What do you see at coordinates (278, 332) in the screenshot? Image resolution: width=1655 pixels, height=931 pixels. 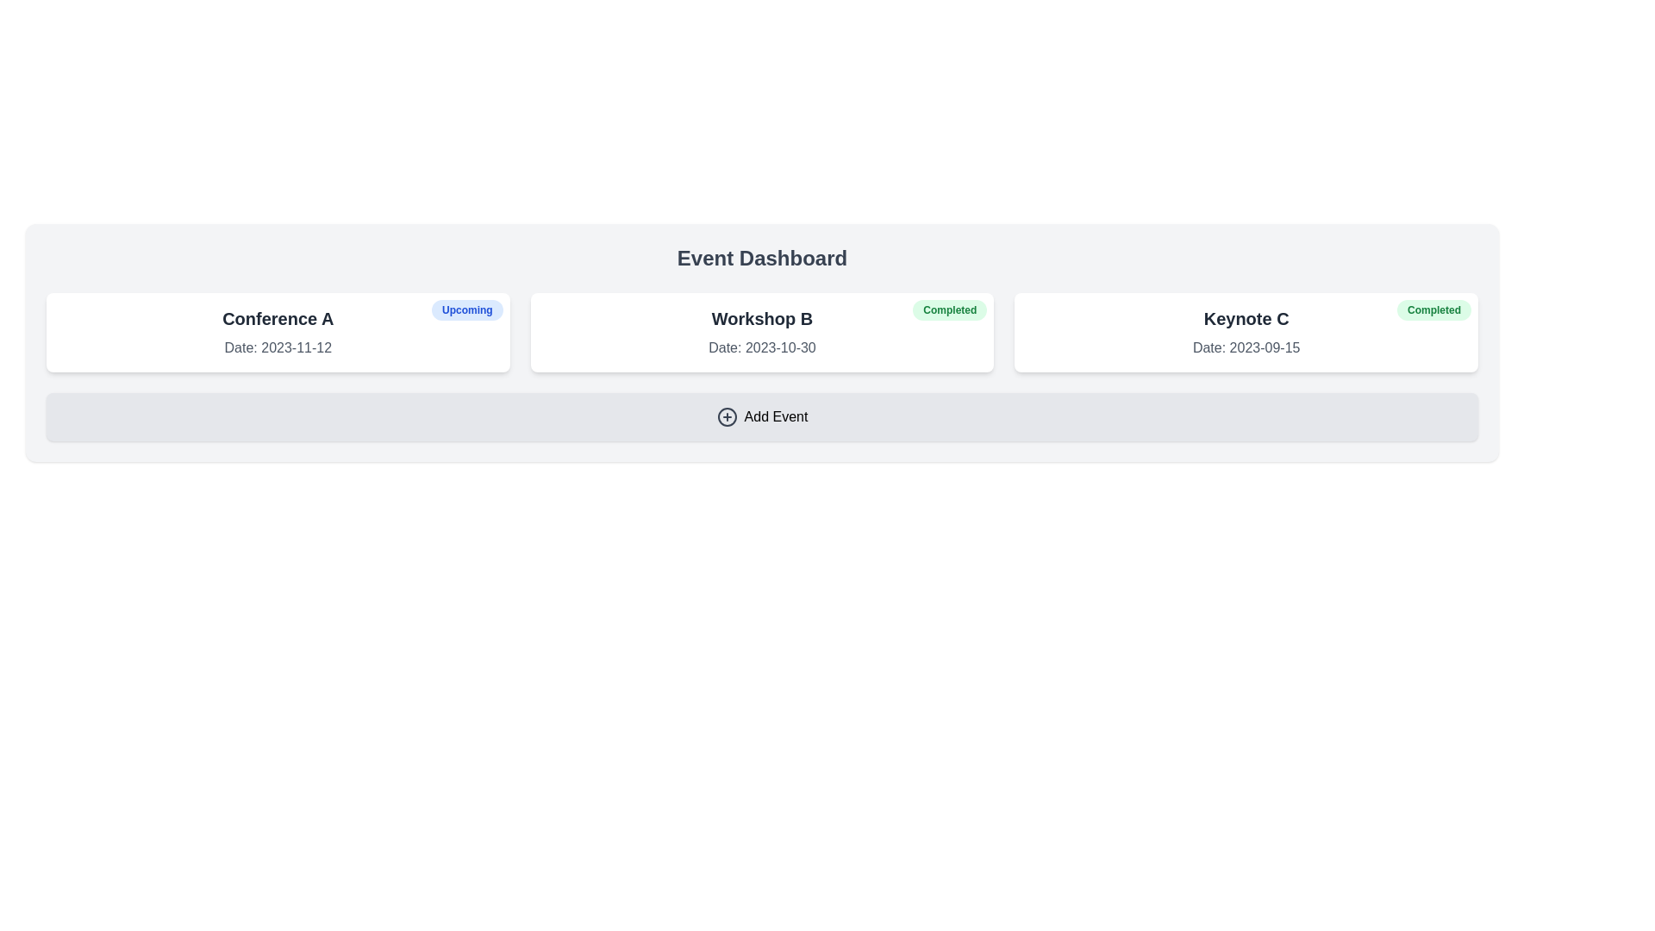 I see `the Event card` at bounding box center [278, 332].